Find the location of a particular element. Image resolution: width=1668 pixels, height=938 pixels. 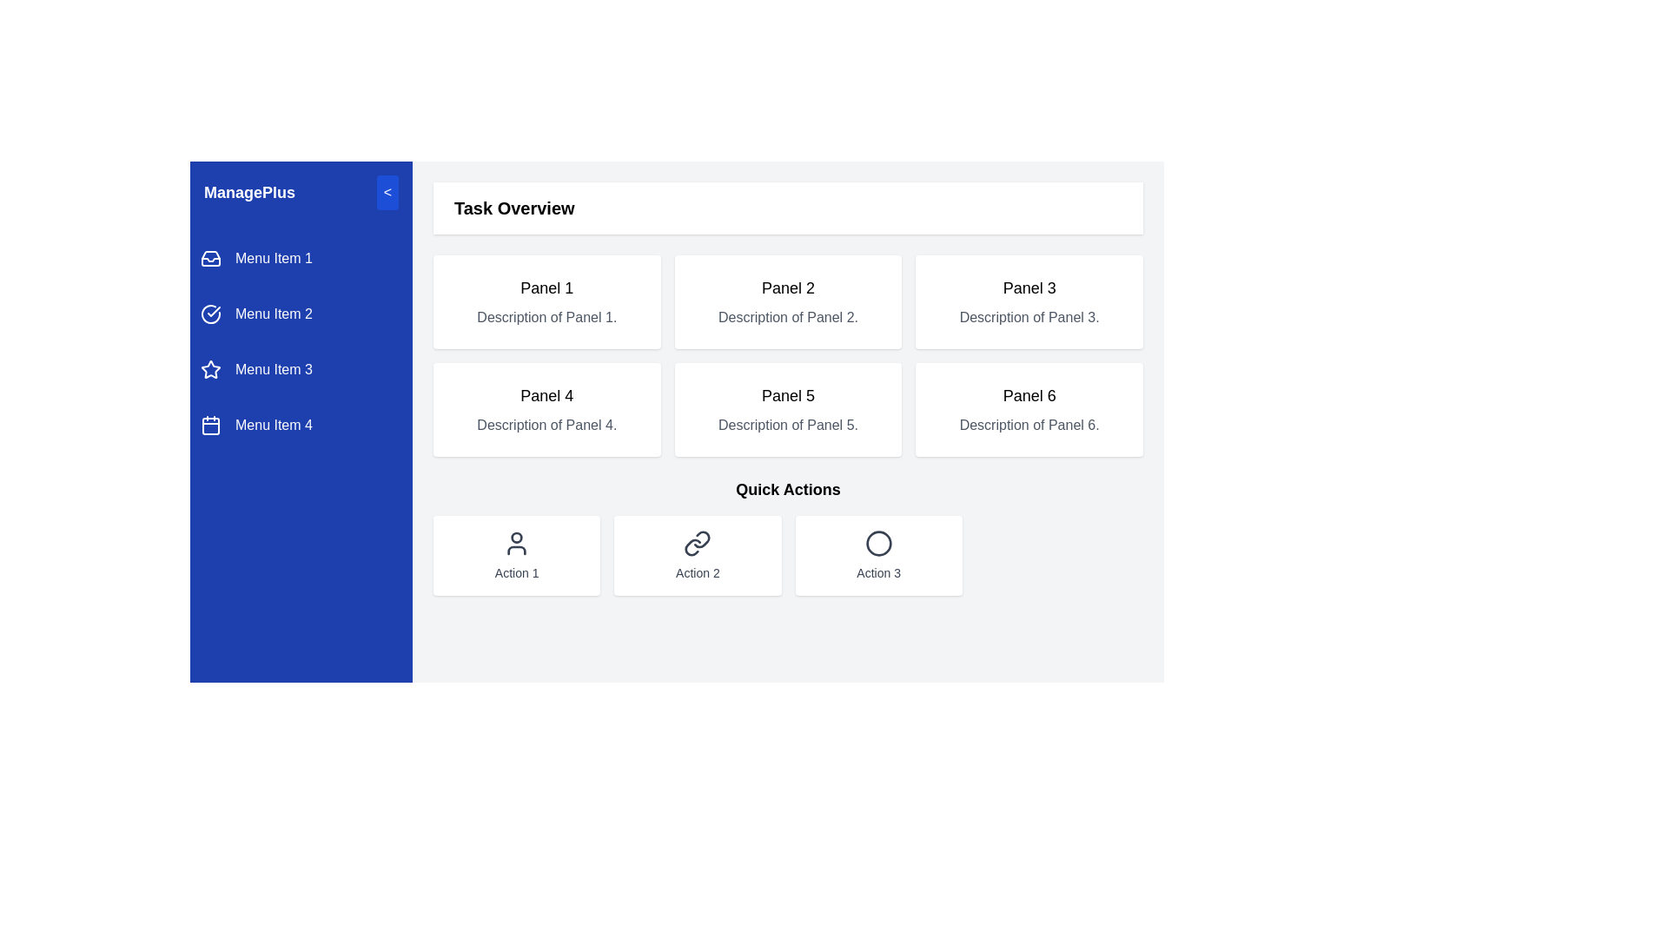

the Interactive panel identified as 'Panel 6' located in the bottom-right corner of the grid to interact with it is located at coordinates (1029, 409).